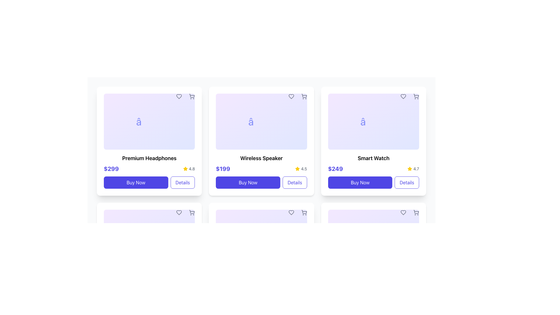  I want to click on the heart-shaped button with a gray outline at the top-right corner of the 'Premium Headphones' card to favorite the item, so click(179, 96).